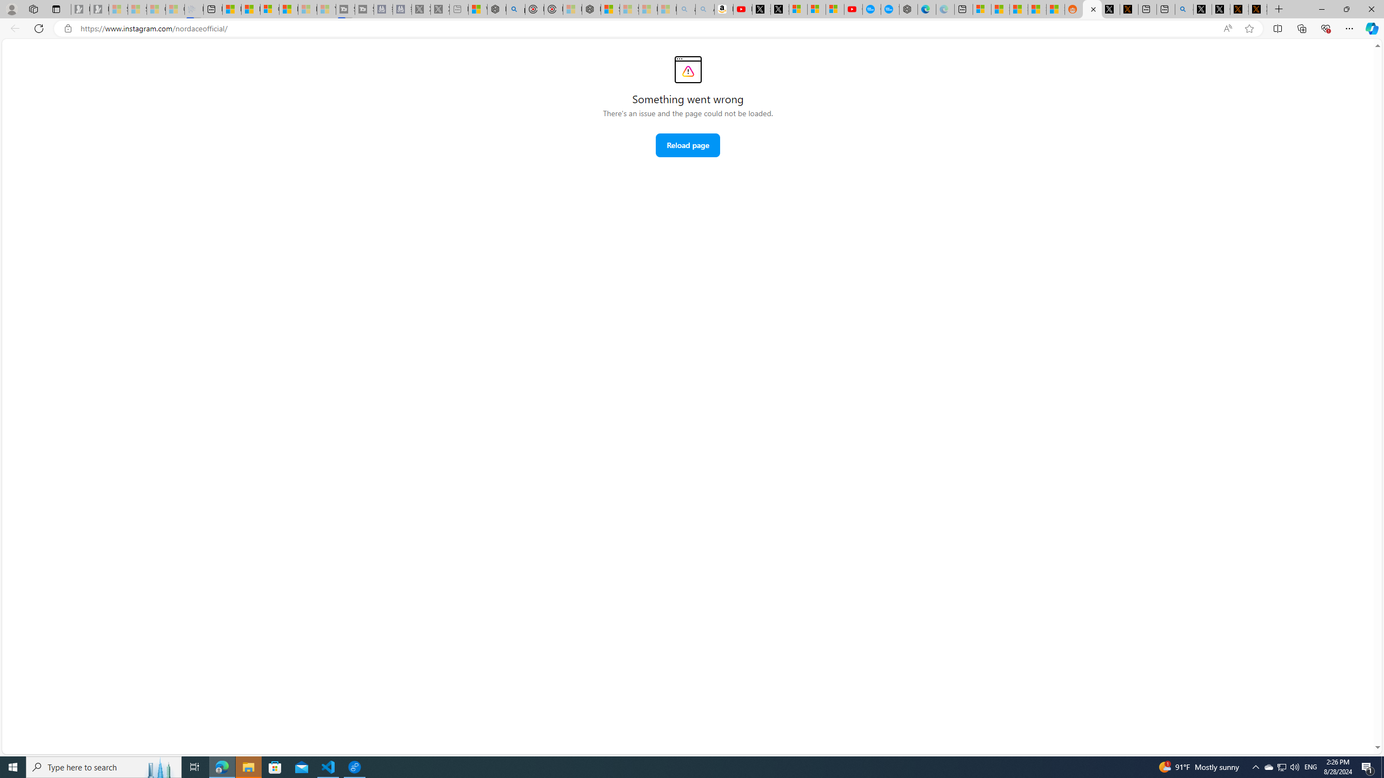 The height and width of the screenshot is (778, 1384). What do you see at coordinates (705, 9) in the screenshot?
I see `'Amazon Echo Dot PNG - Search Images - Sleeping'` at bounding box center [705, 9].